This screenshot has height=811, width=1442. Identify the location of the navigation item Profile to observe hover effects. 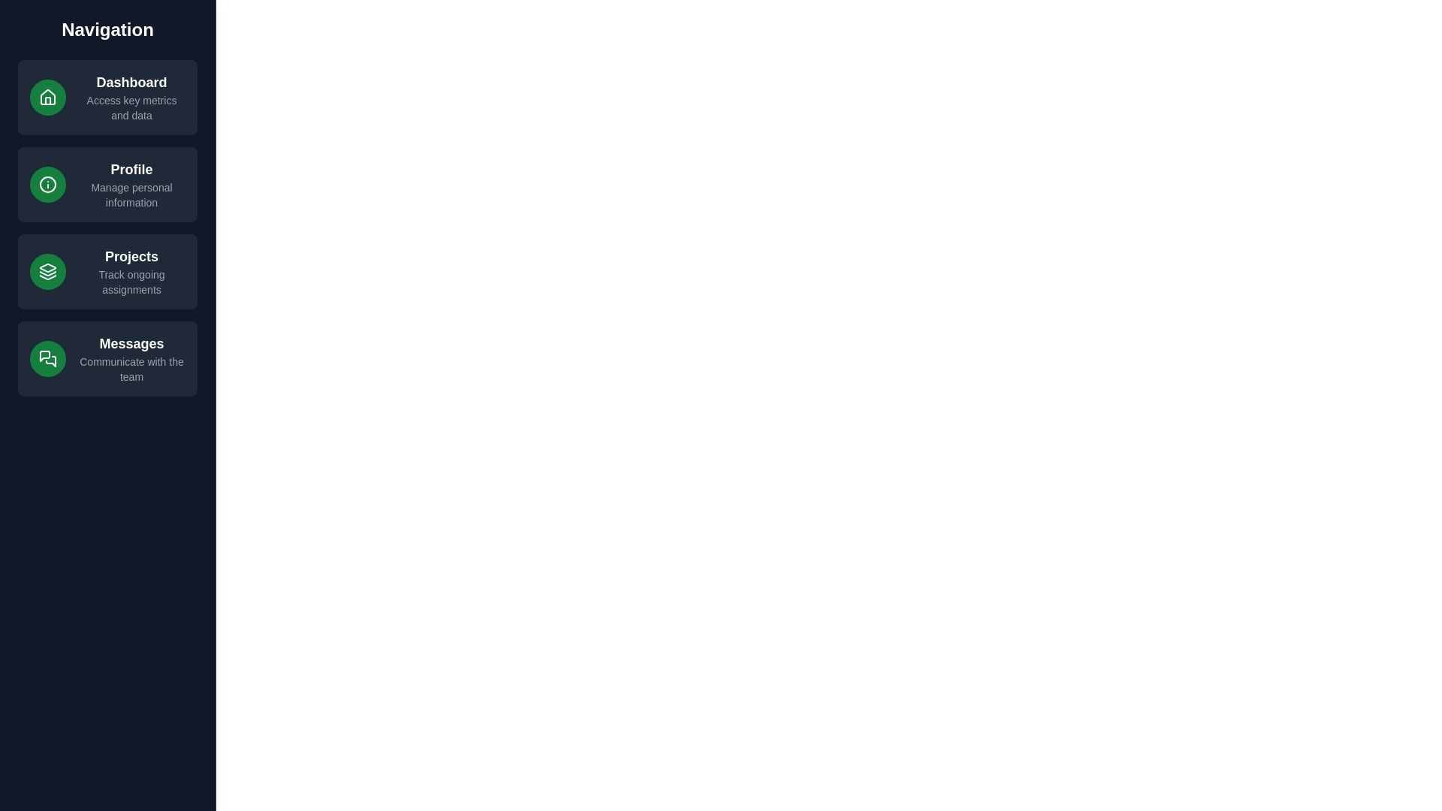
(107, 184).